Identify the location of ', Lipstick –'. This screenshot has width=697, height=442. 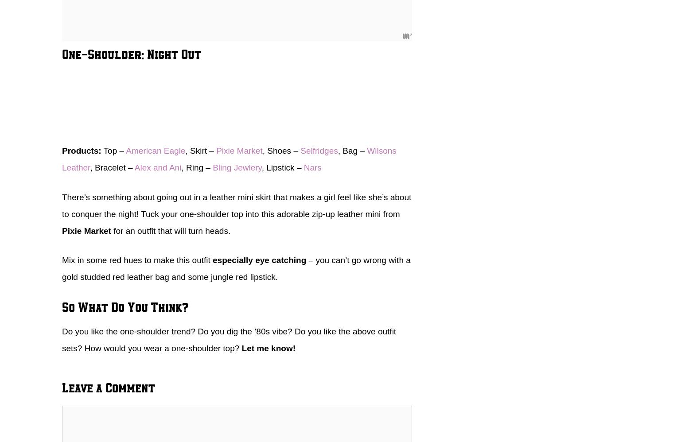
(282, 167).